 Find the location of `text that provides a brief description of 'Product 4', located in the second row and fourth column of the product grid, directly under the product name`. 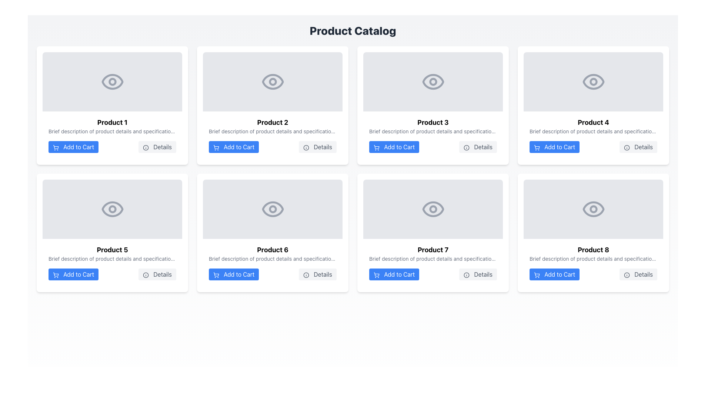

text that provides a brief description of 'Product 4', located in the second row and fourth column of the product grid, directly under the product name is located at coordinates (593, 131).